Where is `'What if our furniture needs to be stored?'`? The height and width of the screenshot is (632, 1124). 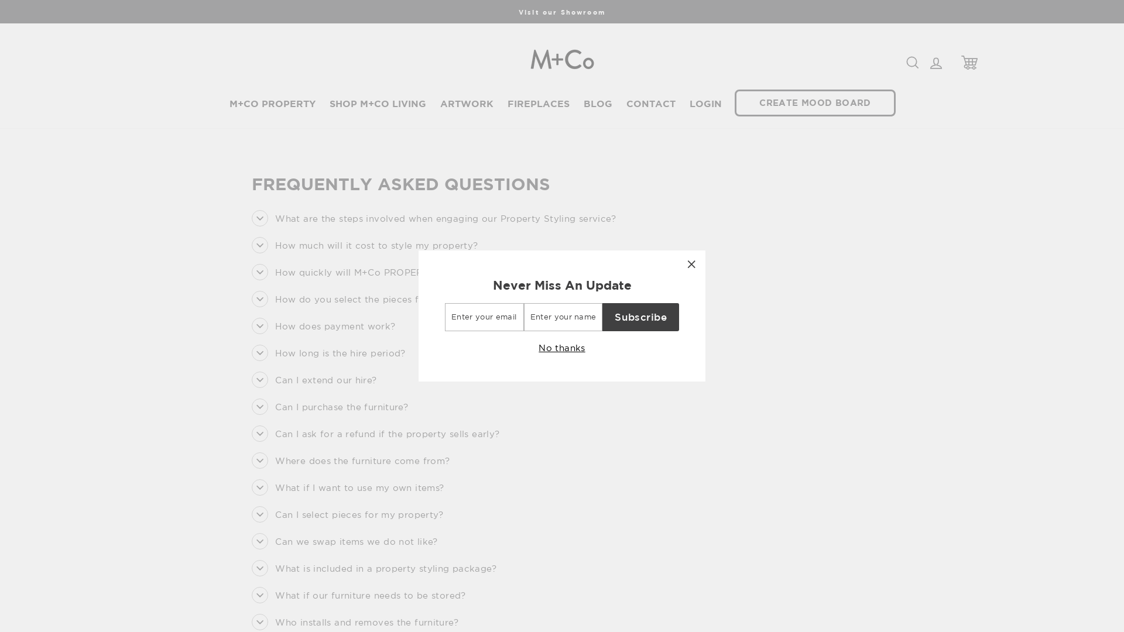 'What if our furniture needs to be stored?' is located at coordinates (358, 595).